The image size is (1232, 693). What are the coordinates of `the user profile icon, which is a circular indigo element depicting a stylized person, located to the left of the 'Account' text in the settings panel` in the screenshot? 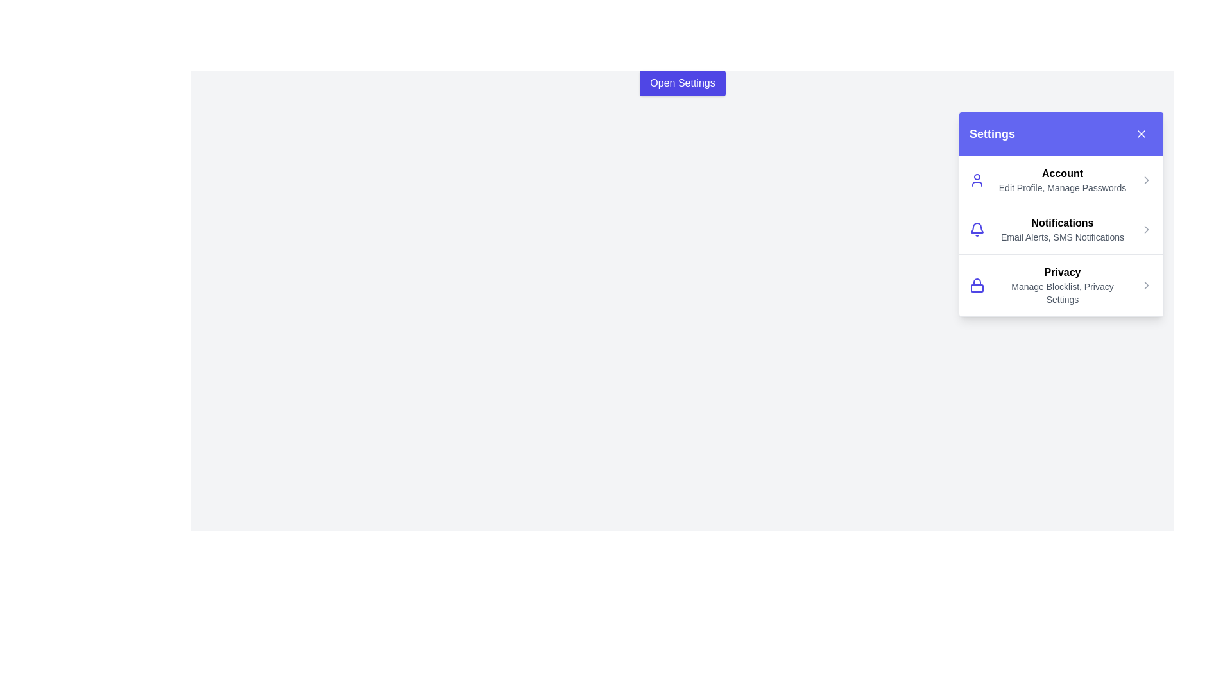 It's located at (976, 180).